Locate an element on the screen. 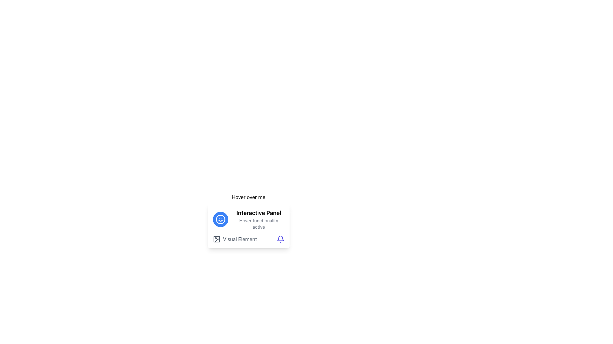  text from the Text Label displaying 'Visual Element', which is styled in gray and located to the right of an image icon in the lower section of the 'Interactive Panel' is located at coordinates (239, 239).